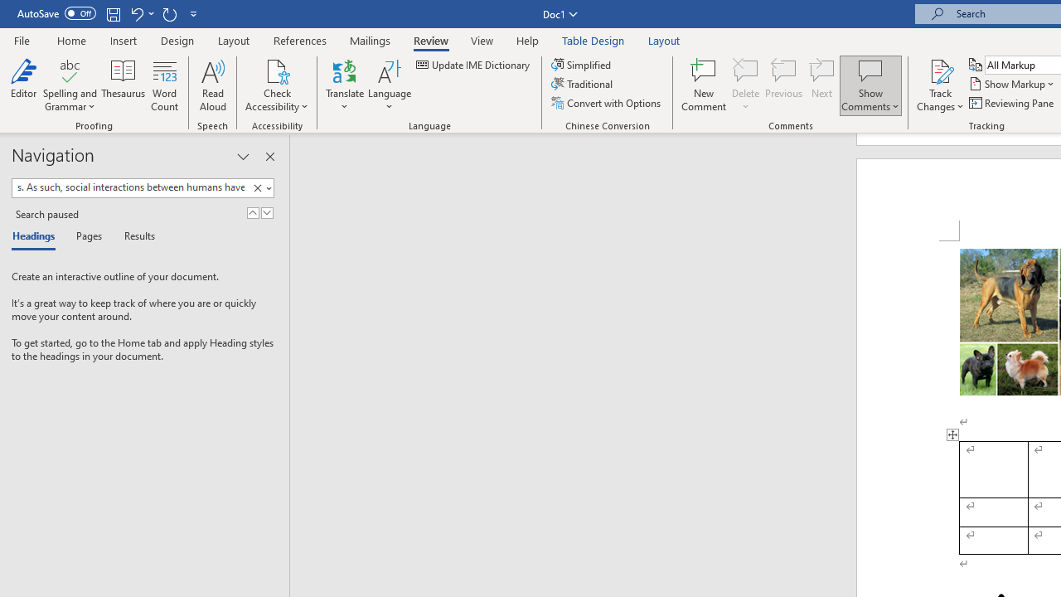 The height and width of the screenshot is (597, 1061). What do you see at coordinates (473, 64) in the screenshot?
I see `'Update IME Dictionary...'` at bounding box center [473, 64].